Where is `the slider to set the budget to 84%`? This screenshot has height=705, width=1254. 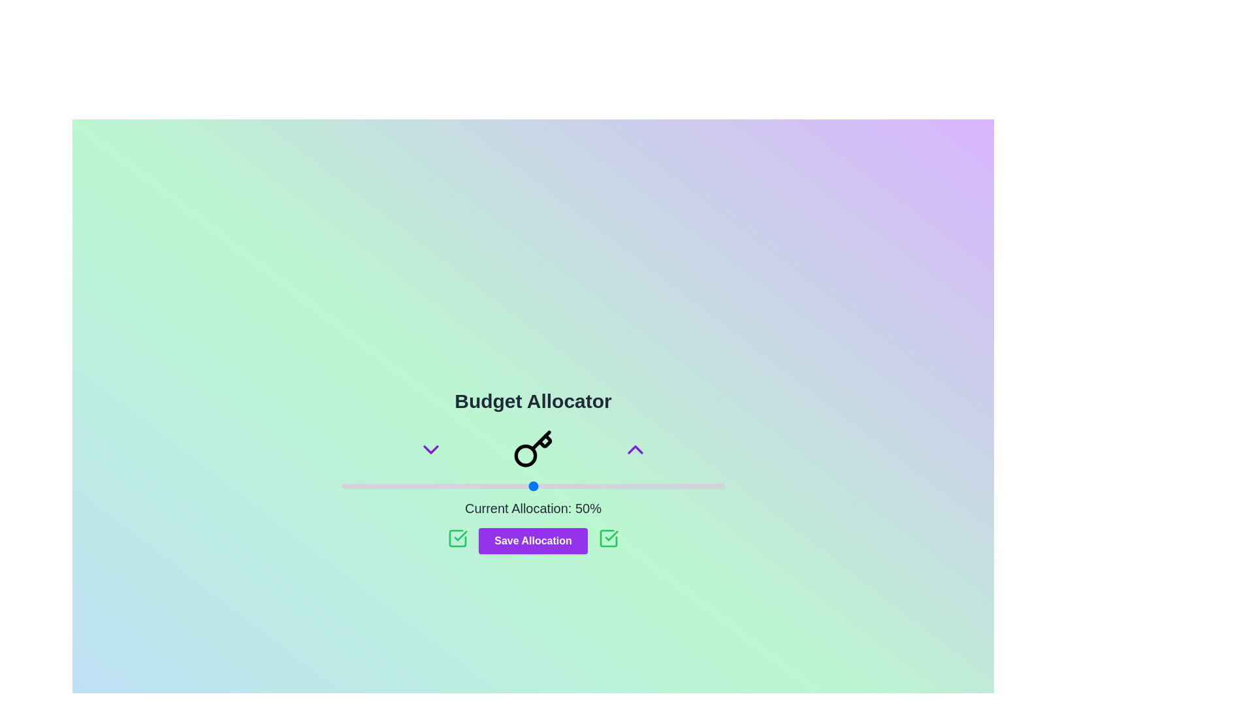 the slider to set the budget to 84% is located at coordinates (664, 486).